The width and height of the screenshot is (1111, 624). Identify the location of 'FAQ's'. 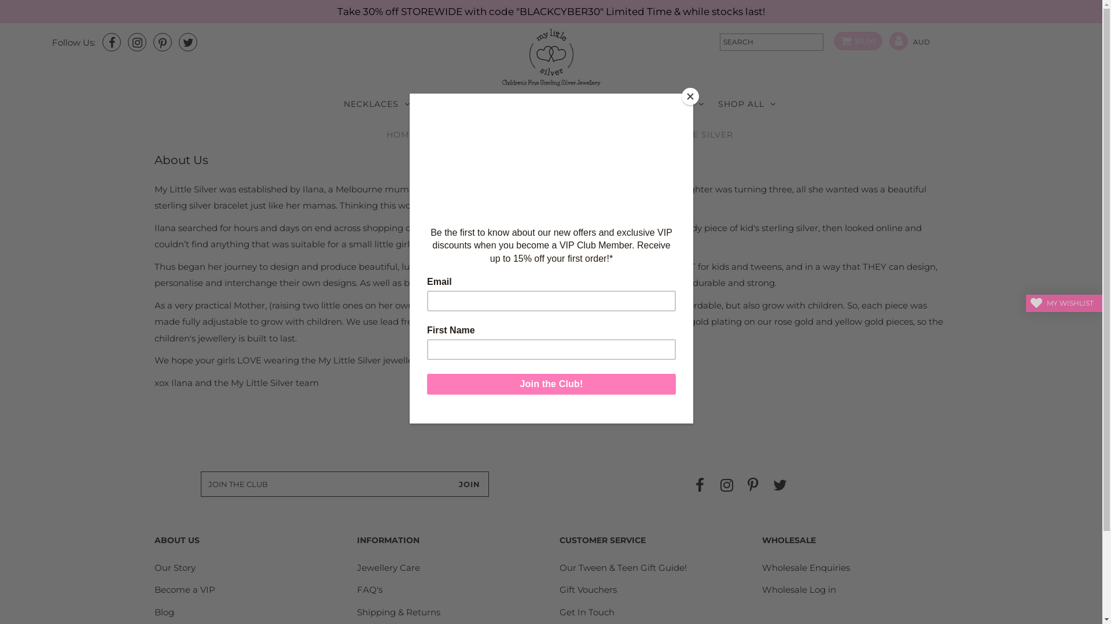
(369, 589).